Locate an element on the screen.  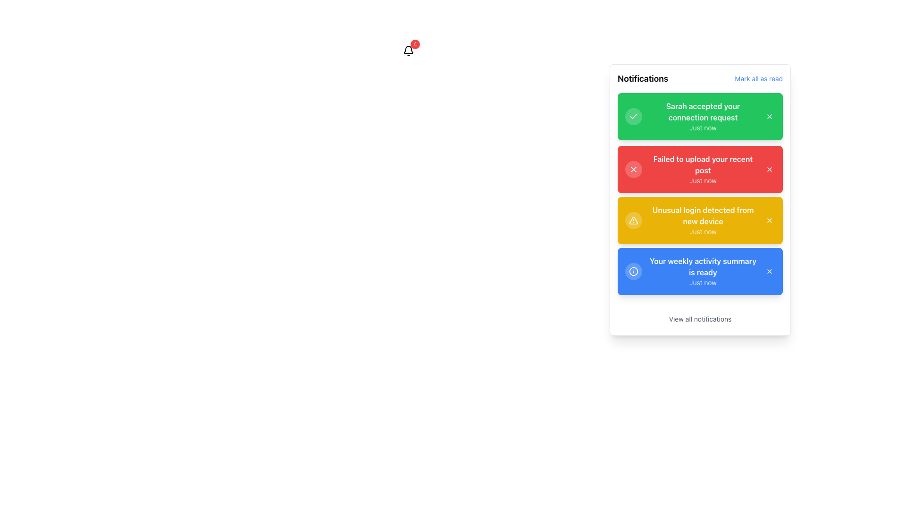
first notification in the notification list that informs about the acceptance of a connection request by Sarah is located at coordinates (703, 116).